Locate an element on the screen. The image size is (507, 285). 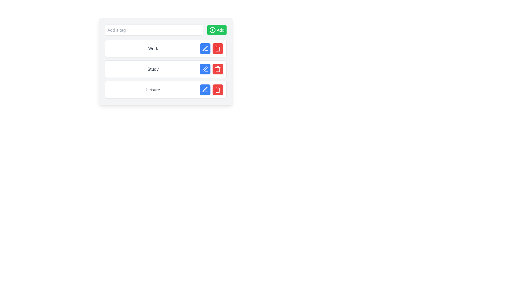
the pen icon located inside the blue circular button adjacent to the 'Leisure' label is located at coordinates (205, 89).